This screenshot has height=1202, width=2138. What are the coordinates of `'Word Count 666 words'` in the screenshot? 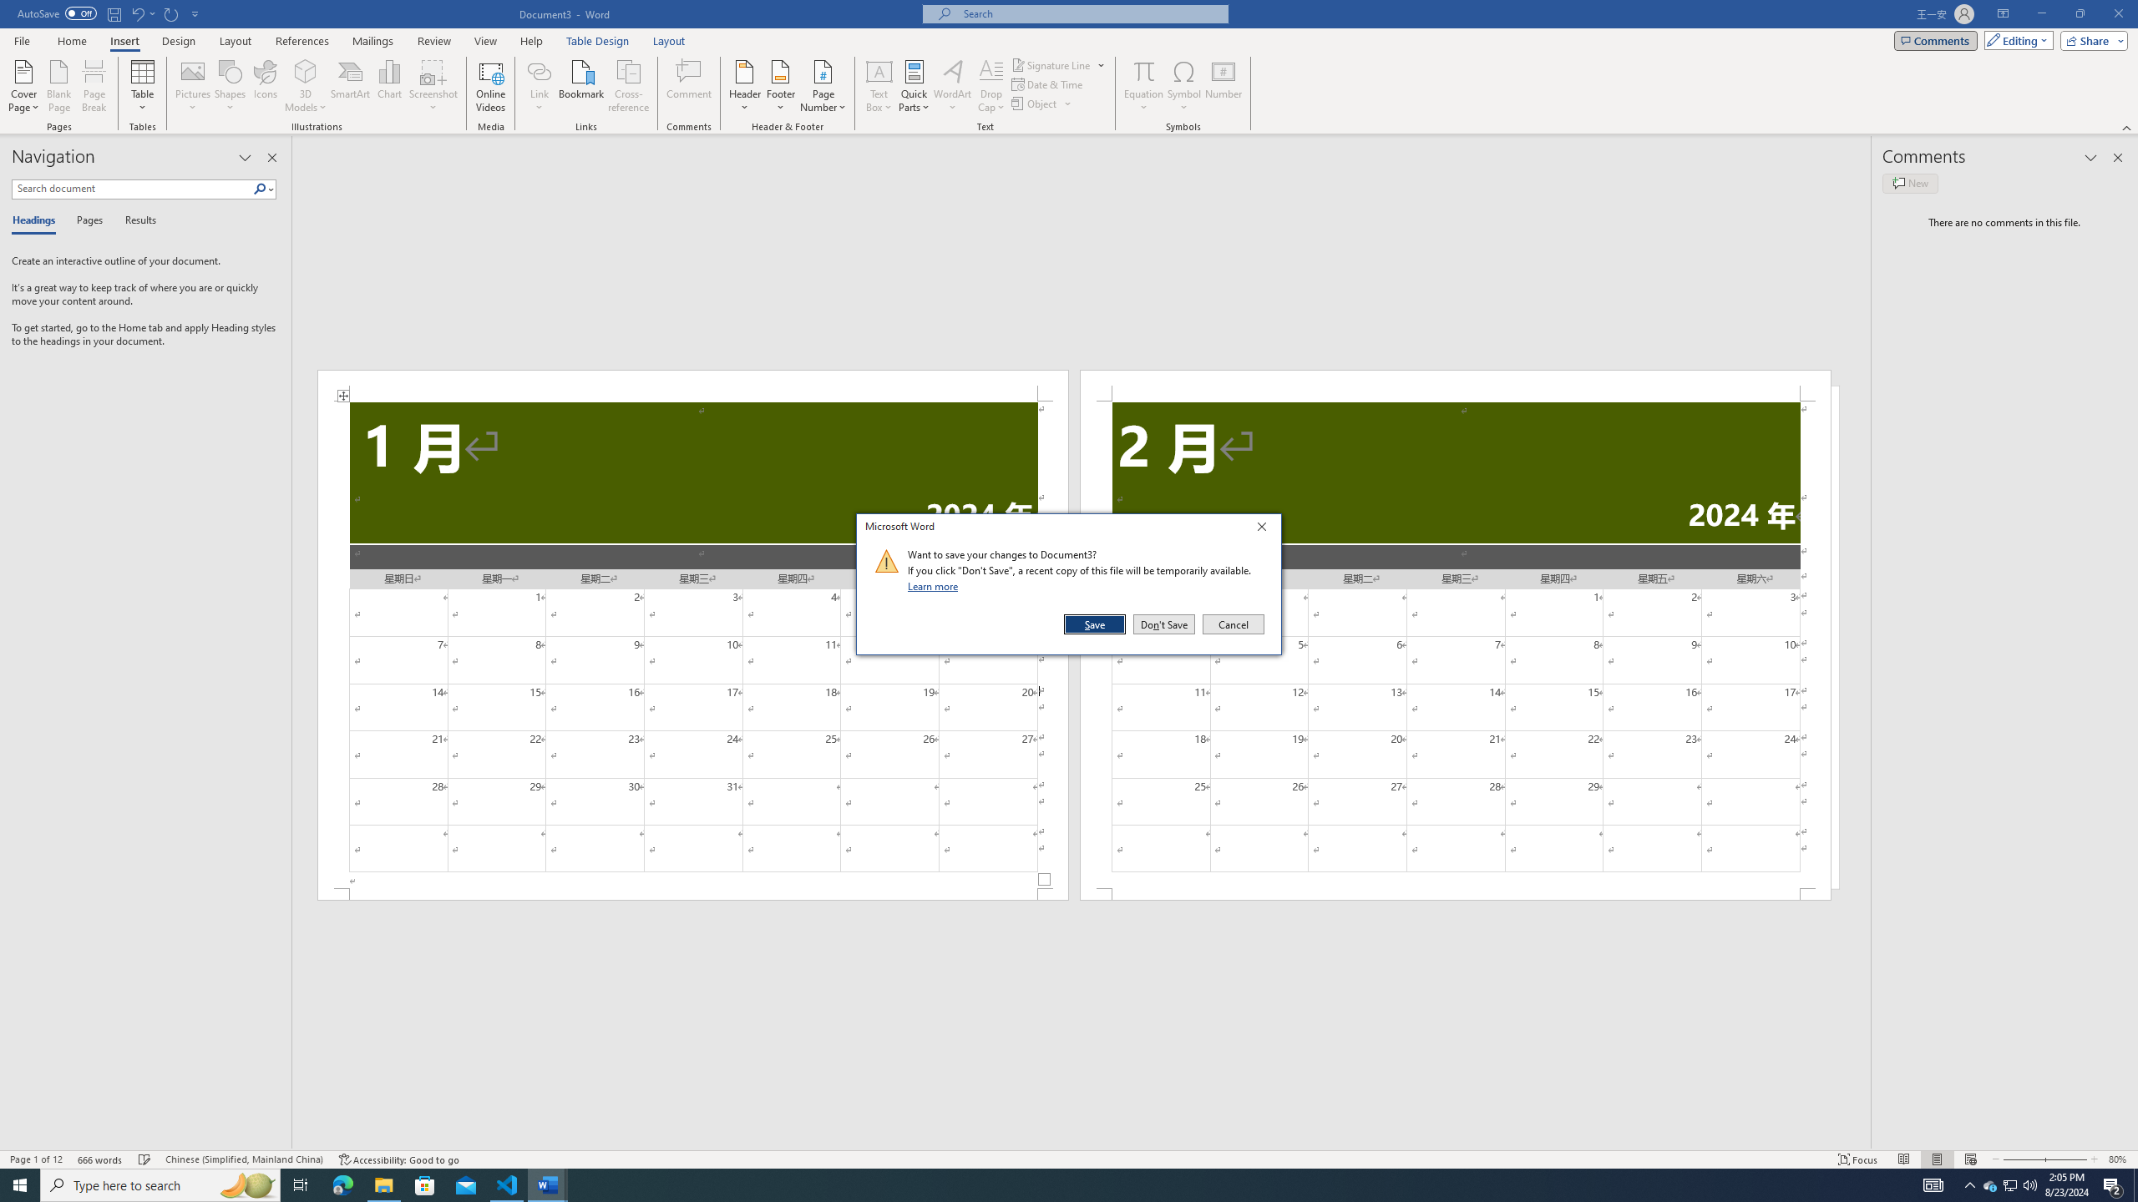 It's located at (101, 1159).